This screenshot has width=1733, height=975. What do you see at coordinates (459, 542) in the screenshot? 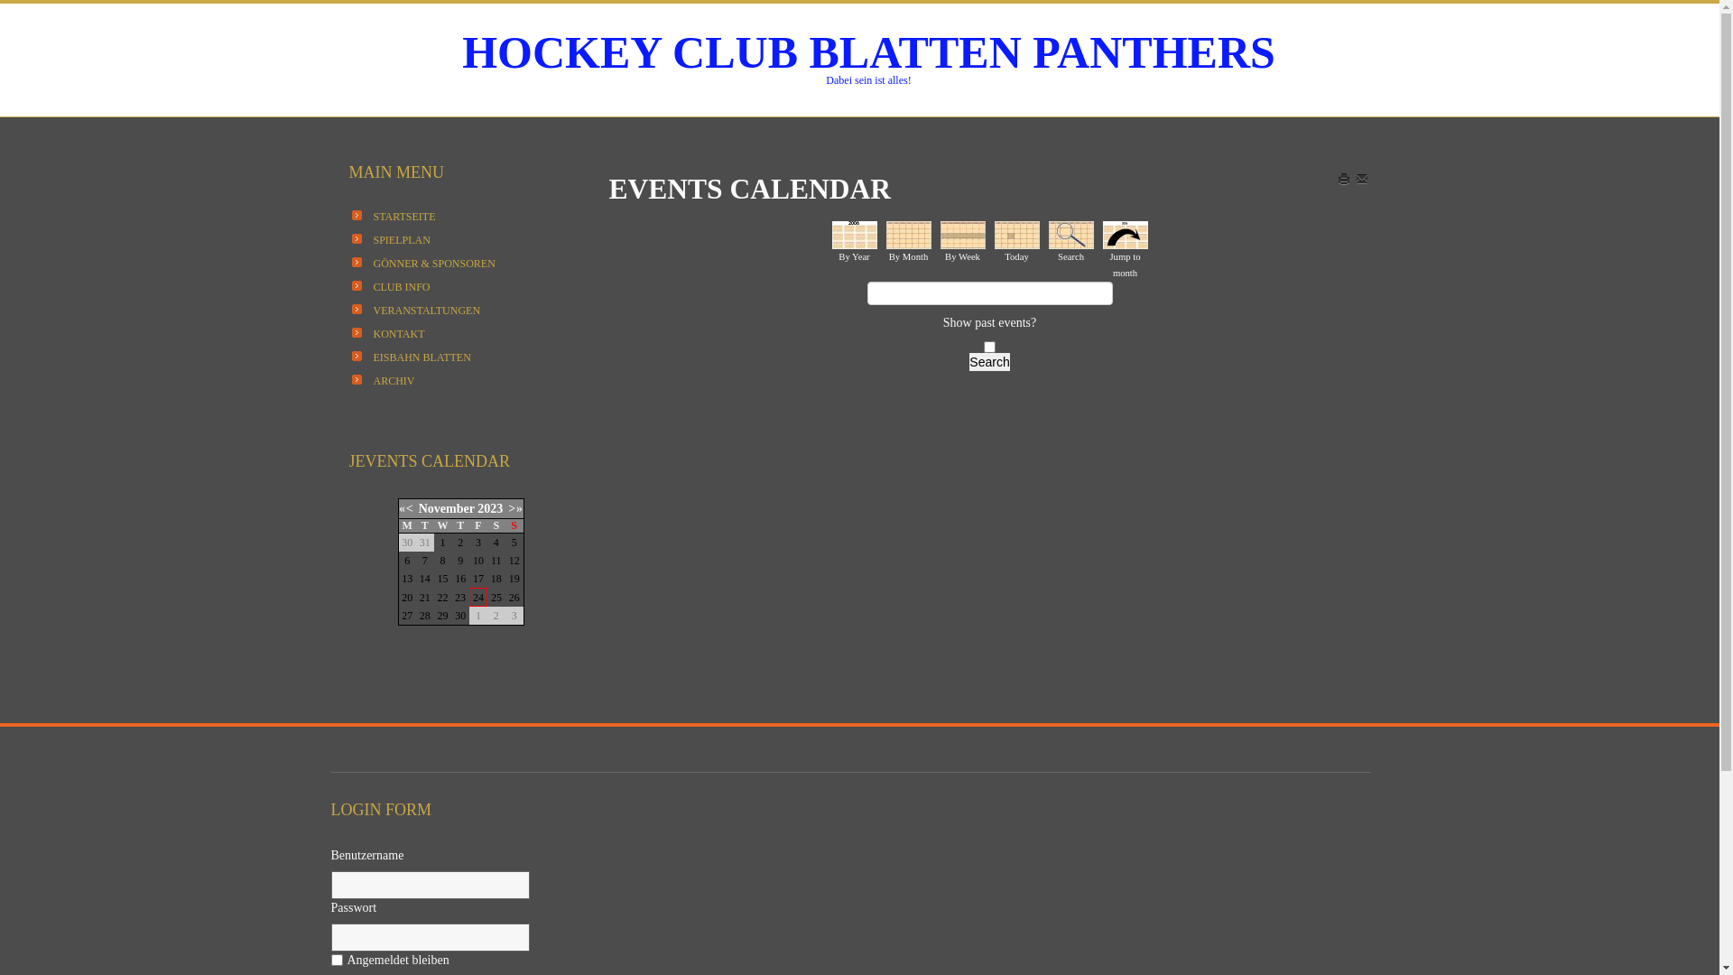
I see `'2'` at bounding box center [459, 542].